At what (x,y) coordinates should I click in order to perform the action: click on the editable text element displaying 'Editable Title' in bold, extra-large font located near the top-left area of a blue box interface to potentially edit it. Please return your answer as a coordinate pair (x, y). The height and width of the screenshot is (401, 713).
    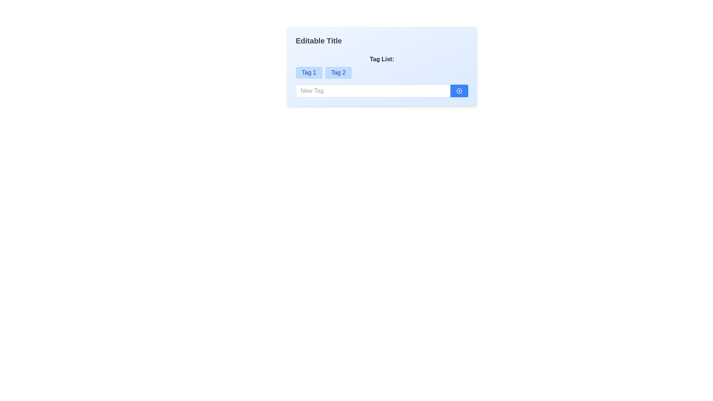
    Looking at the image, I should click on (319, 41).